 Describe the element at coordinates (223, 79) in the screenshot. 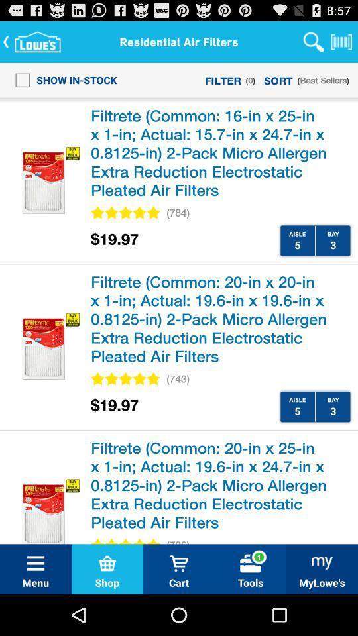

I see `the item next to the (0) icon` at that location.